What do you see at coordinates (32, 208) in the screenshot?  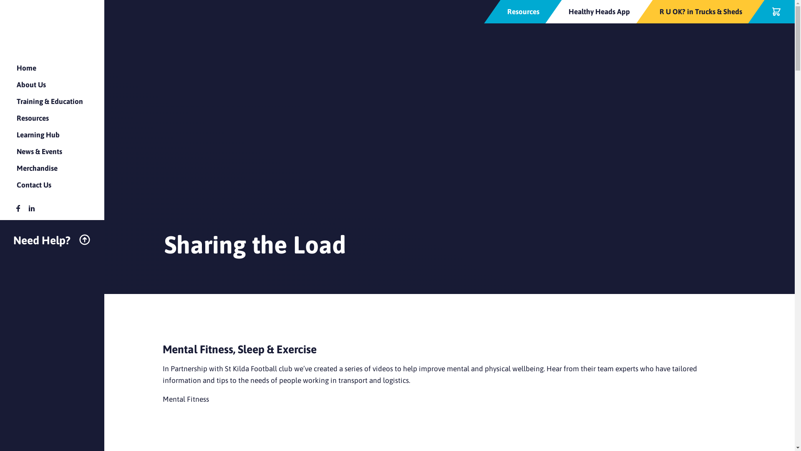 I see `'HealthyHeads Linkedin'` at bounding box center [32, 208].